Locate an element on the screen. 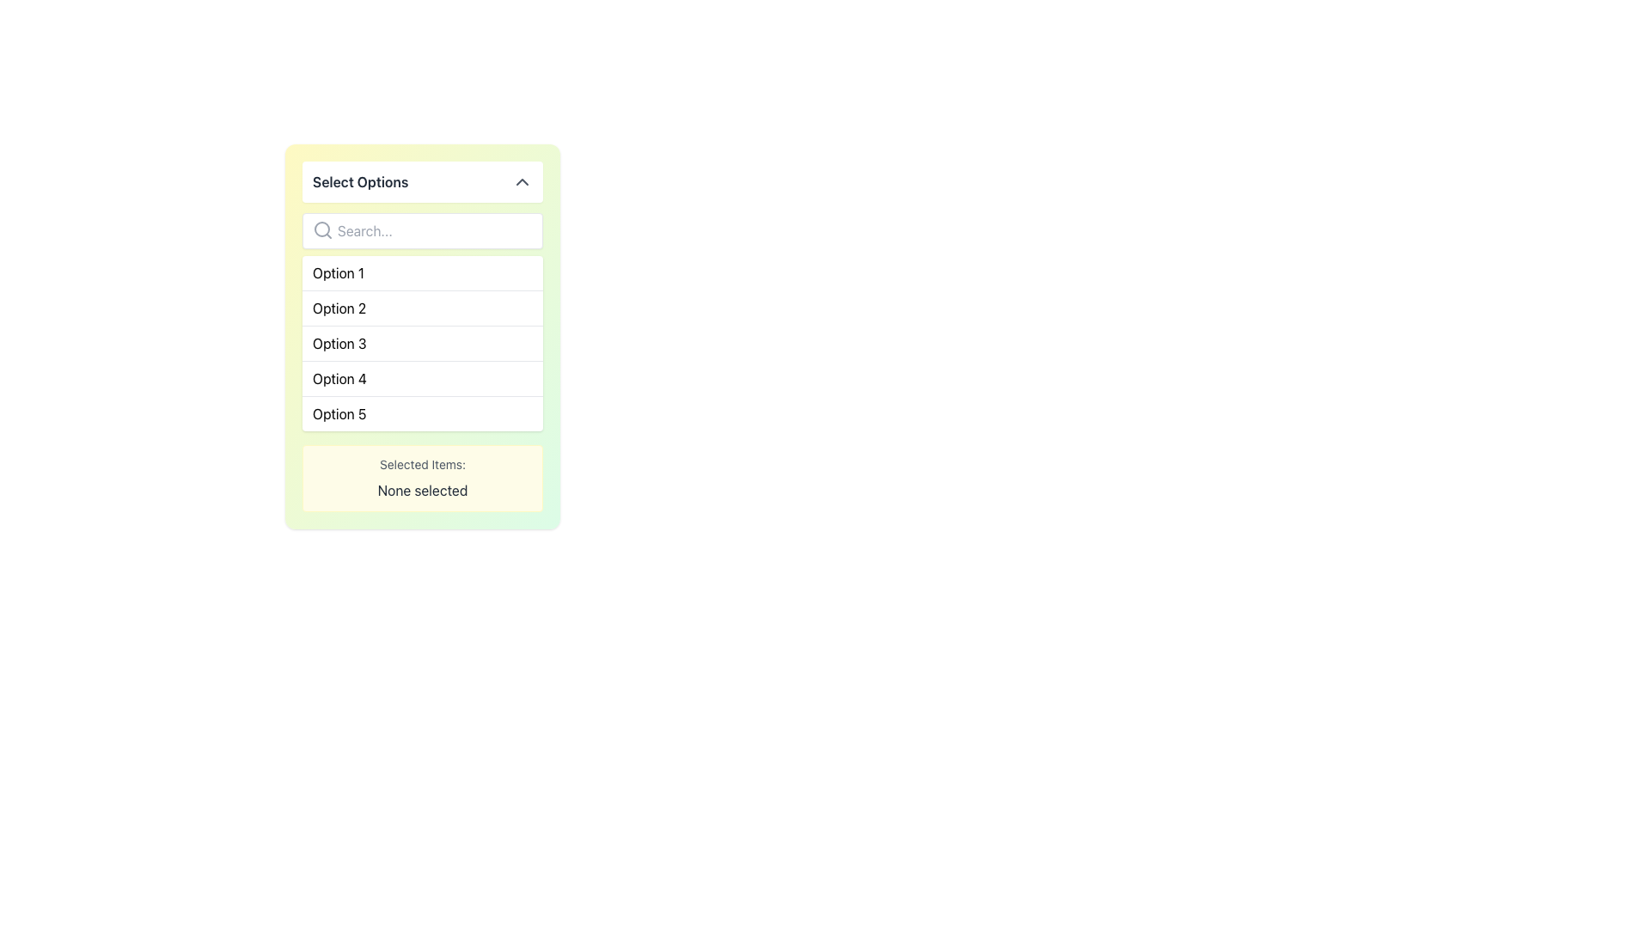 The height and width of the screenshot is (928, 1650). the chevron icon styled with a dark gray stroke that points upward, located at the top-right corner of the dropdown menu labeled 'Select Options' is located at coordinates (522, 182).